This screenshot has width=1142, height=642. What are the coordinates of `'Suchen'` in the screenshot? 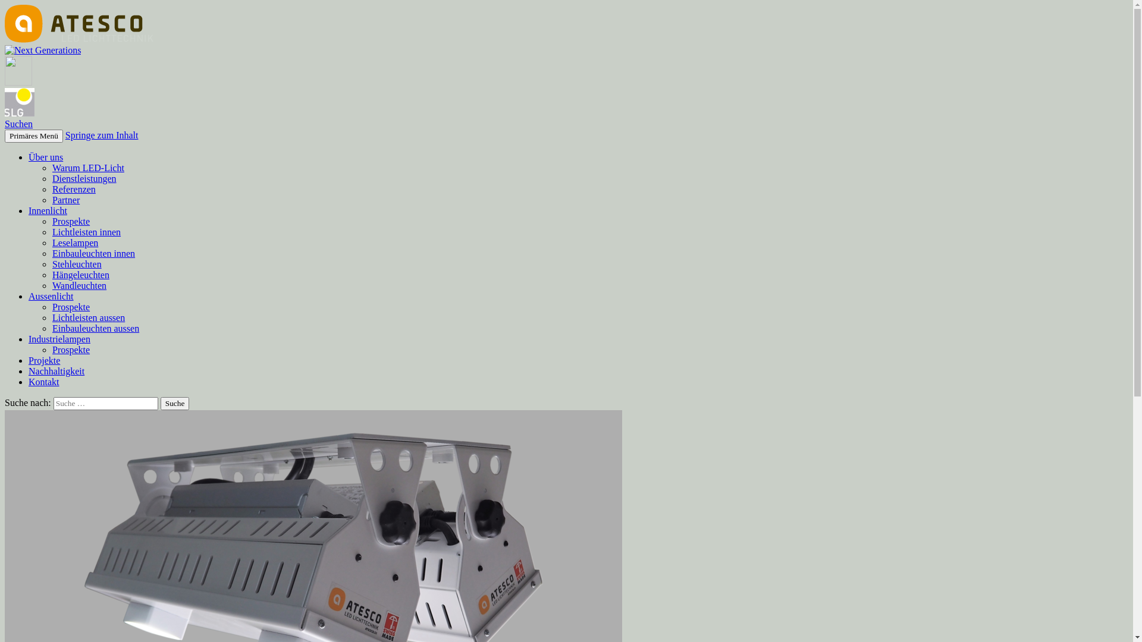 It's located at (18, 124).